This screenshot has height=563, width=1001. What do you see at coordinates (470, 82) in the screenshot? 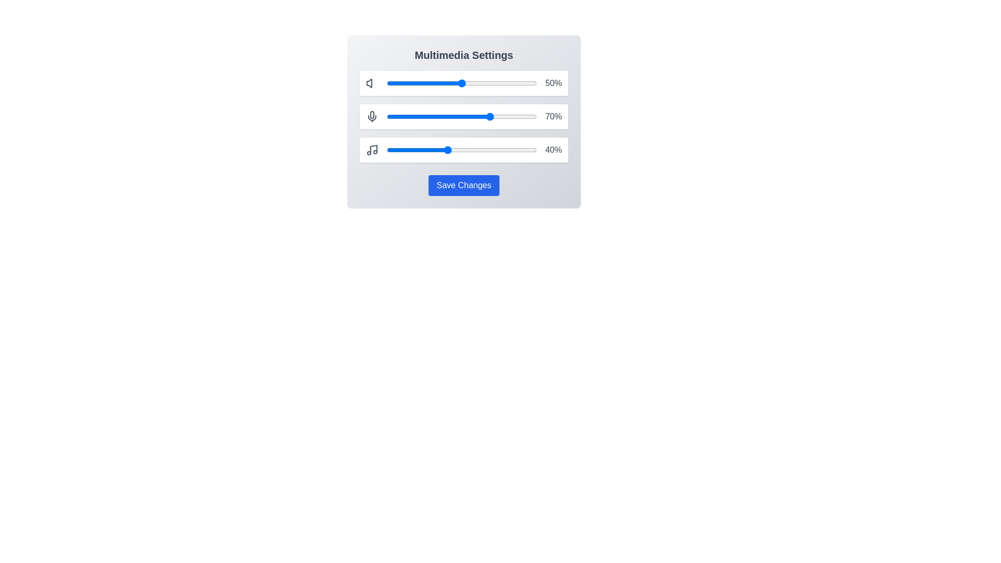
I see `the volume slider to 56%` at bounding box center [470, 82].